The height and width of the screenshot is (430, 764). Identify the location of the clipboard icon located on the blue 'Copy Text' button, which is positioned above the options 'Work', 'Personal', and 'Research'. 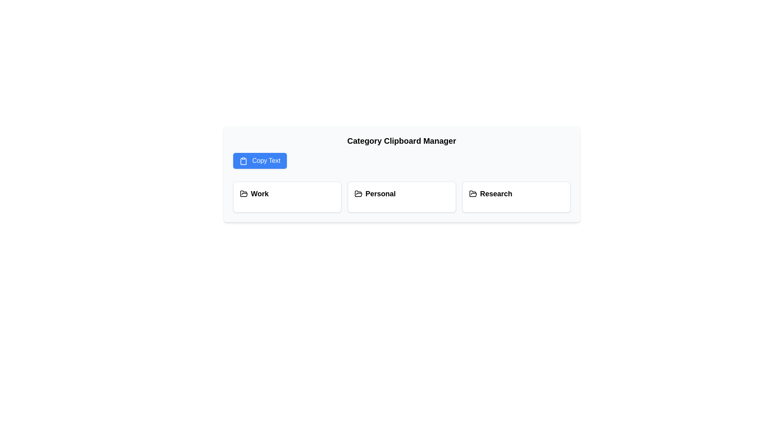
(243, 161).